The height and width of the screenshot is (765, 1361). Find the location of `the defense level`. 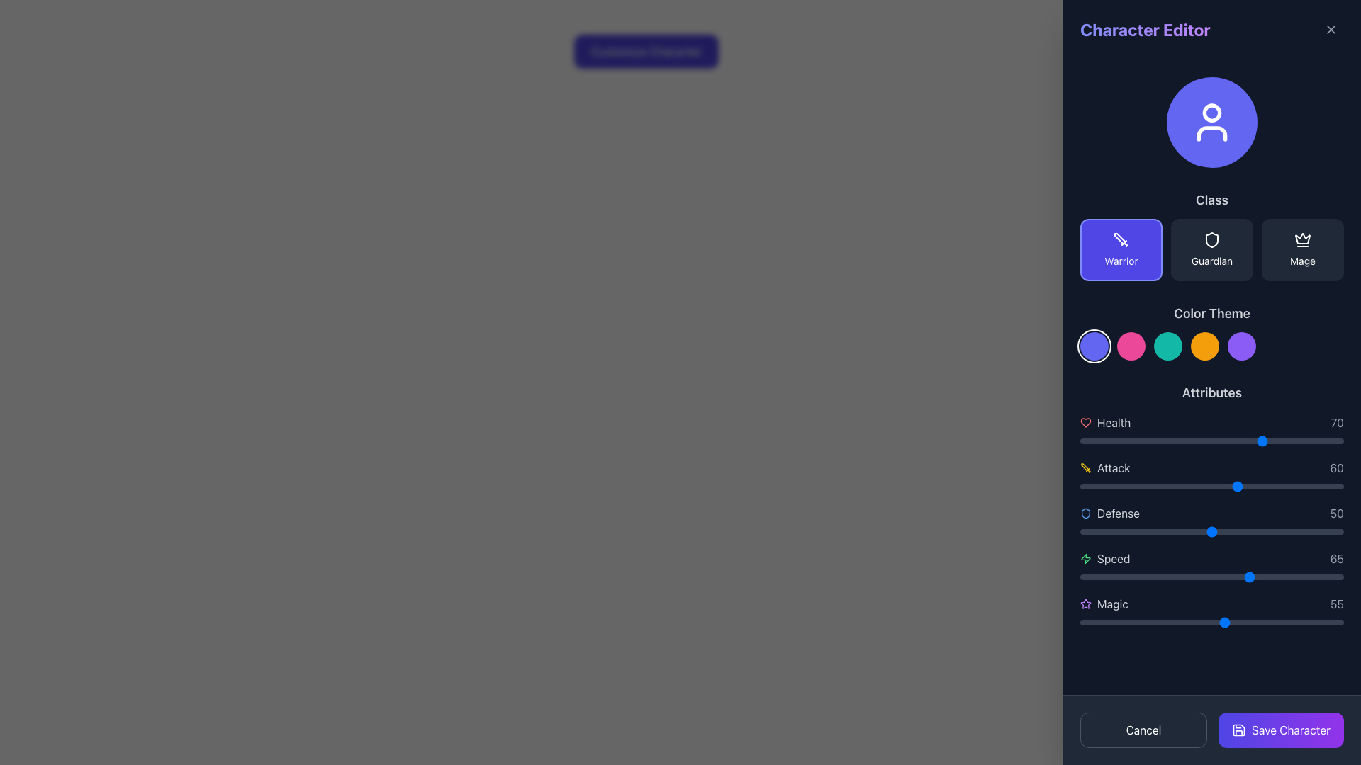

the defense level is located at coordinates (1324, 532).